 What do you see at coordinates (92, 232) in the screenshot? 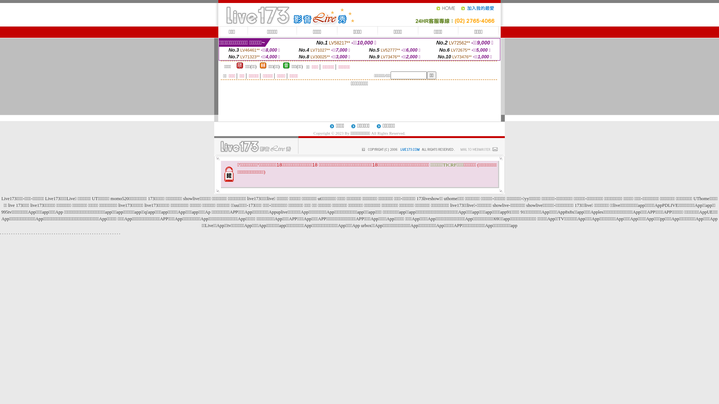
I see `'.'` at bounding box center [92, 232].